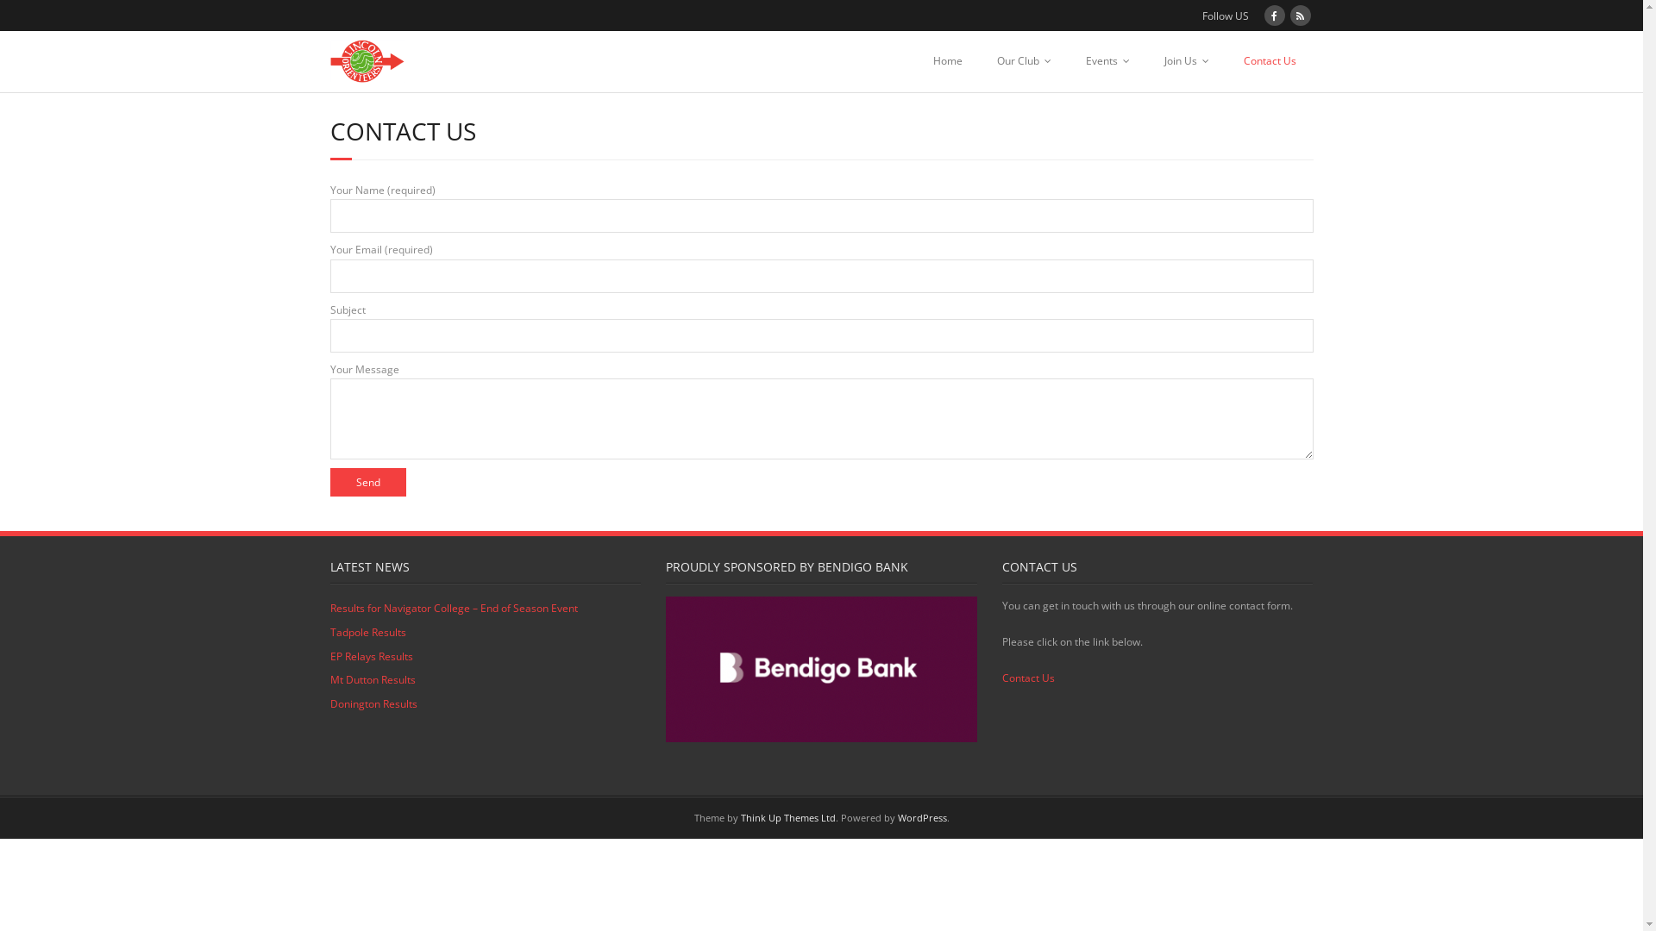  I want to click on 'Our Club', so click(1024, 59).